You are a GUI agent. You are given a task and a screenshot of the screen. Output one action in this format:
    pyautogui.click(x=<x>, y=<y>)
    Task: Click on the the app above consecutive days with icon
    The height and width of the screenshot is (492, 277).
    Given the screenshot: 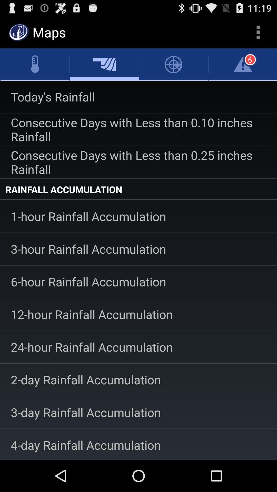 What is the action you would take?
    pyautogui.click(x=138, y=97)
    